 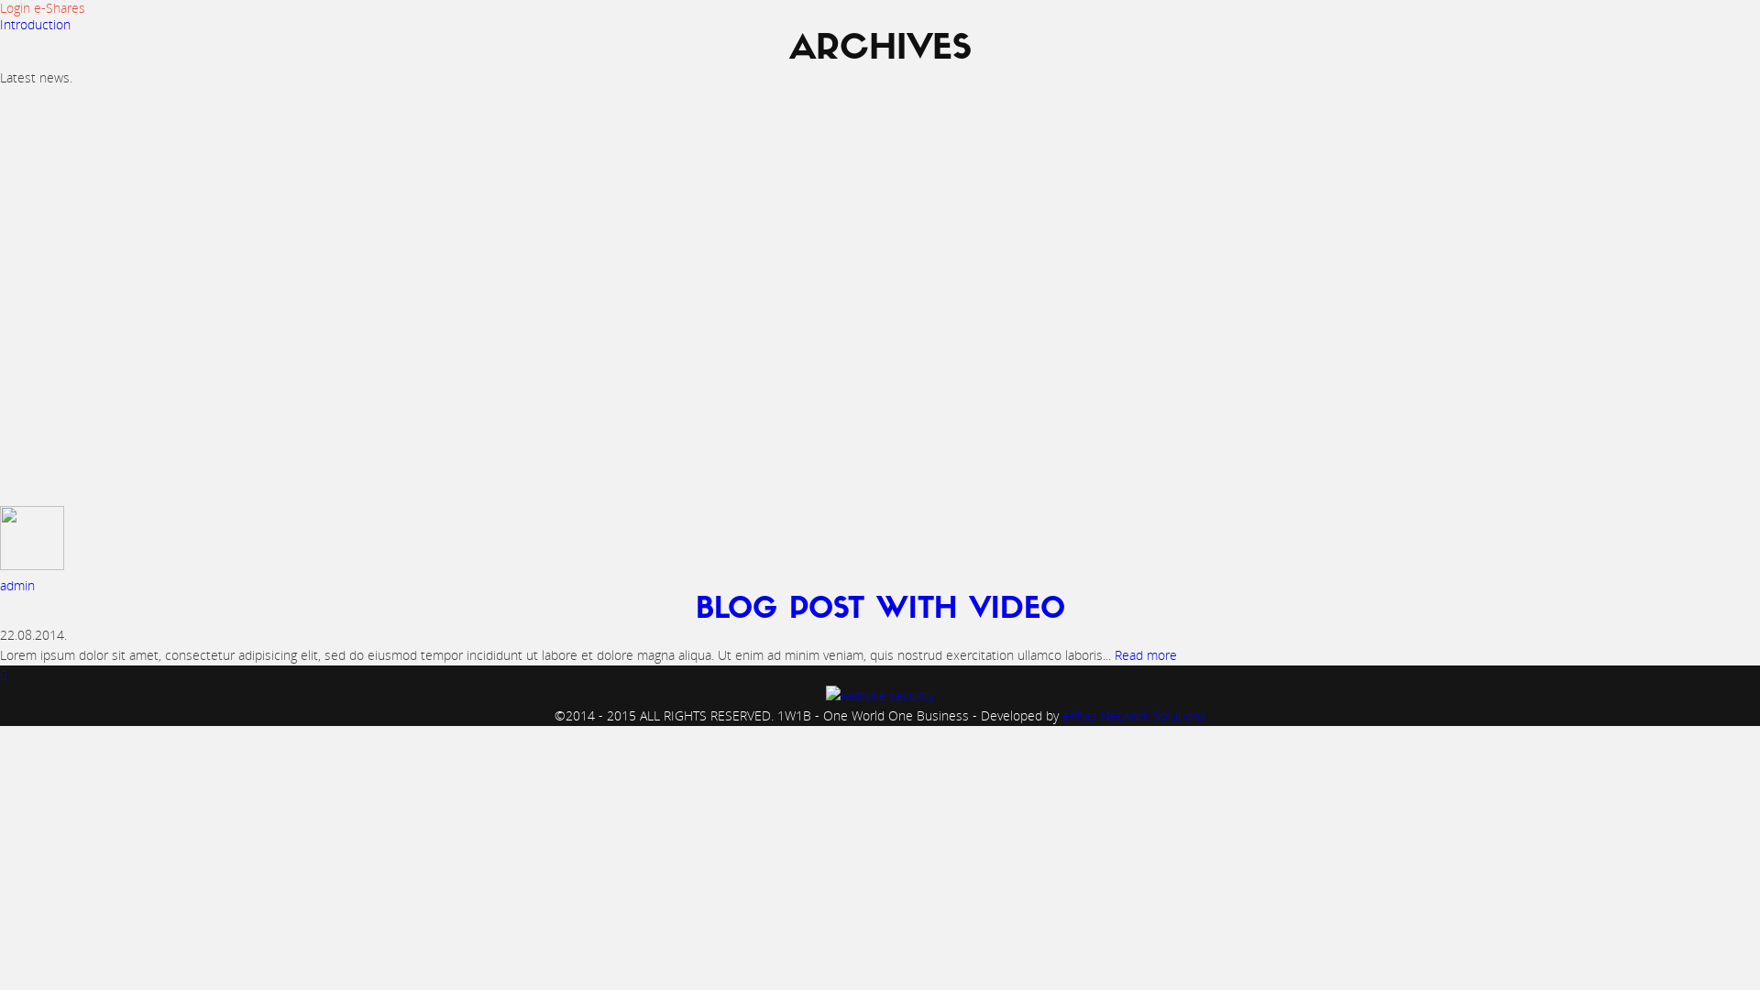 I want to click on 'admin', so click(x=17, y=585).